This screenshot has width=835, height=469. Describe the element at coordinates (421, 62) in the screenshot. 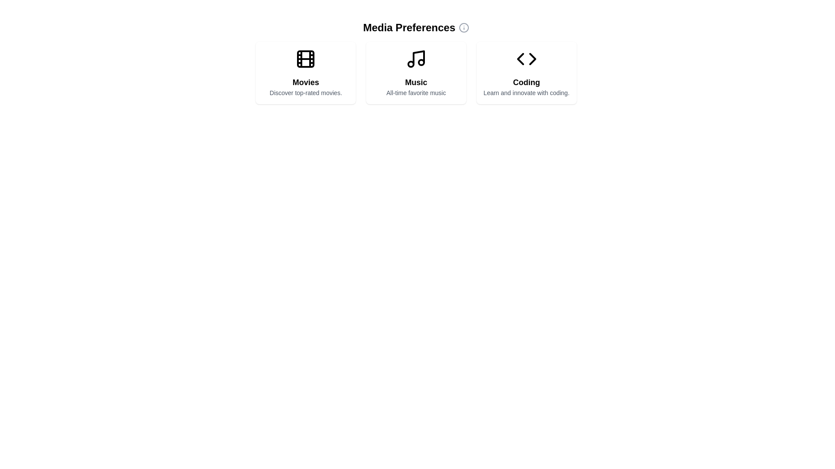

I see `the small decorative SVG circle element located near the top-right of the musical note shape within the 'Music' icon` at that location.